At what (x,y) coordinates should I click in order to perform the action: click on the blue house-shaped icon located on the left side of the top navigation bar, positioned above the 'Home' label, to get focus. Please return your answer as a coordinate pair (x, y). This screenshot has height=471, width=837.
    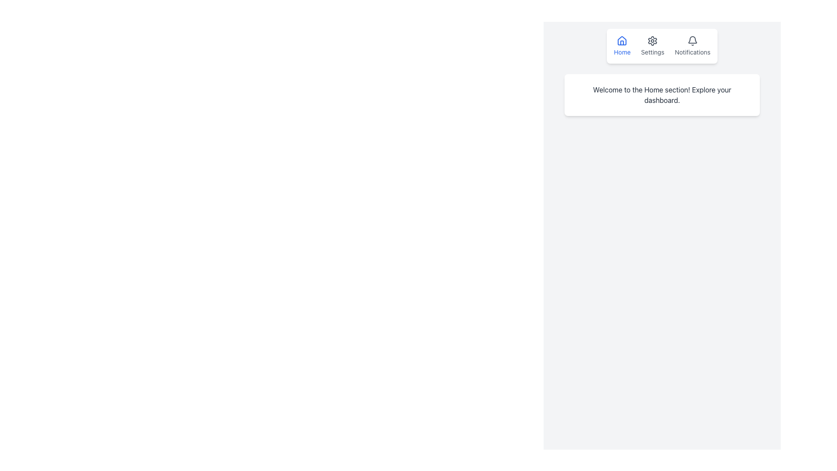
    Looking at the image, I should click on (622, 41).